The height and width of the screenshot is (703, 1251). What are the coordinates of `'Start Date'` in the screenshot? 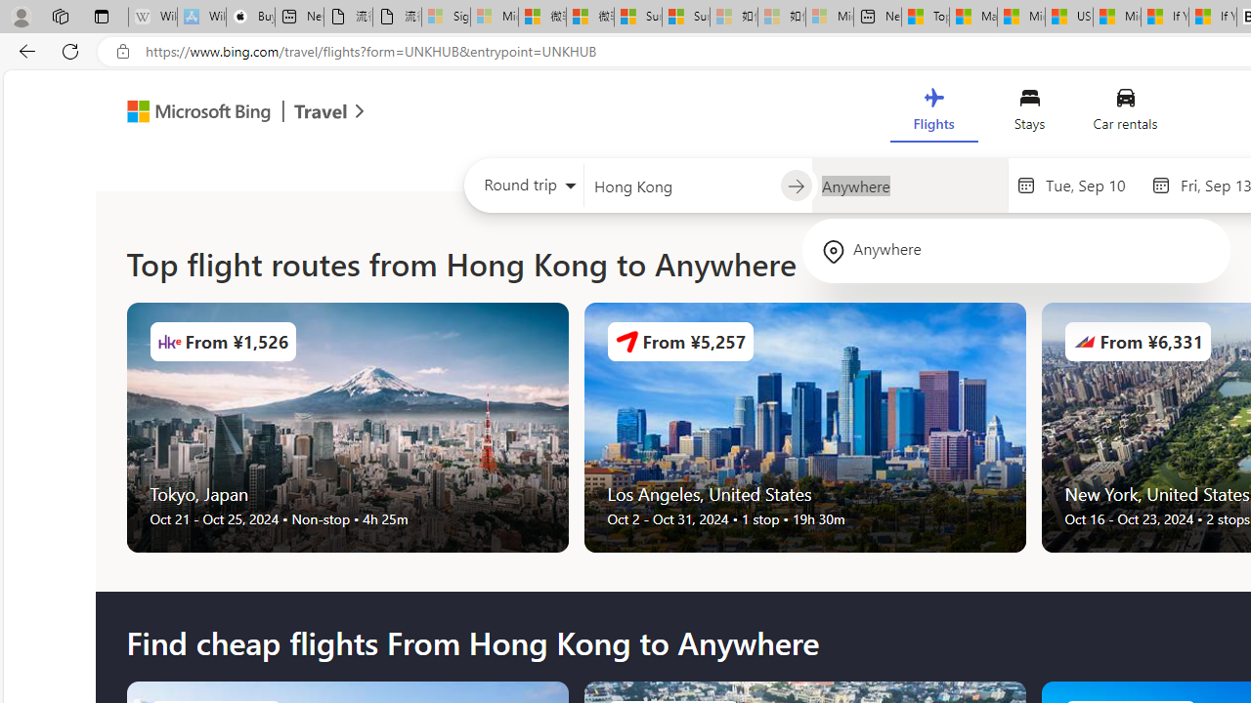 It's located at (1092, 185).